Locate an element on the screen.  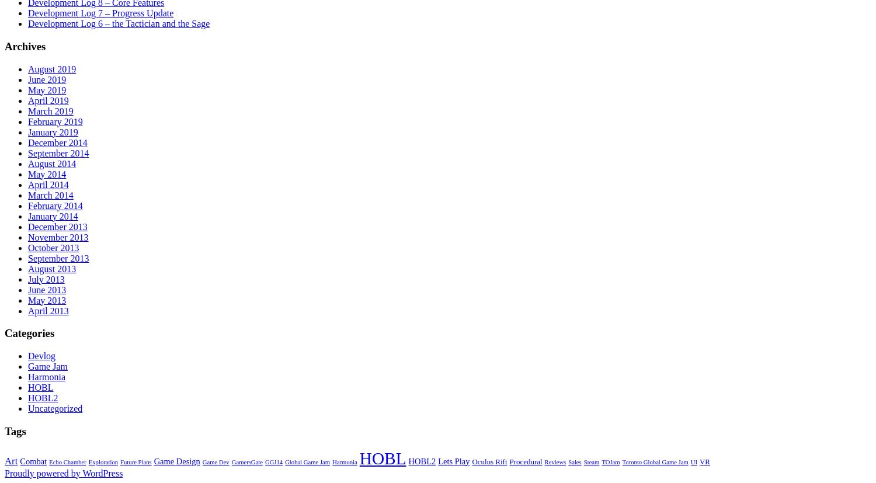
'Game Jam' is located at coordinates (28, 366).